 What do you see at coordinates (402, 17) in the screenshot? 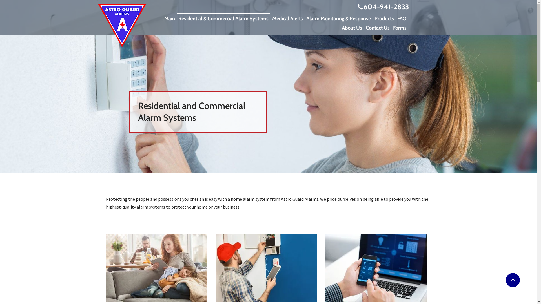
I see `'FAQ'` at bounding box center [402, 17].